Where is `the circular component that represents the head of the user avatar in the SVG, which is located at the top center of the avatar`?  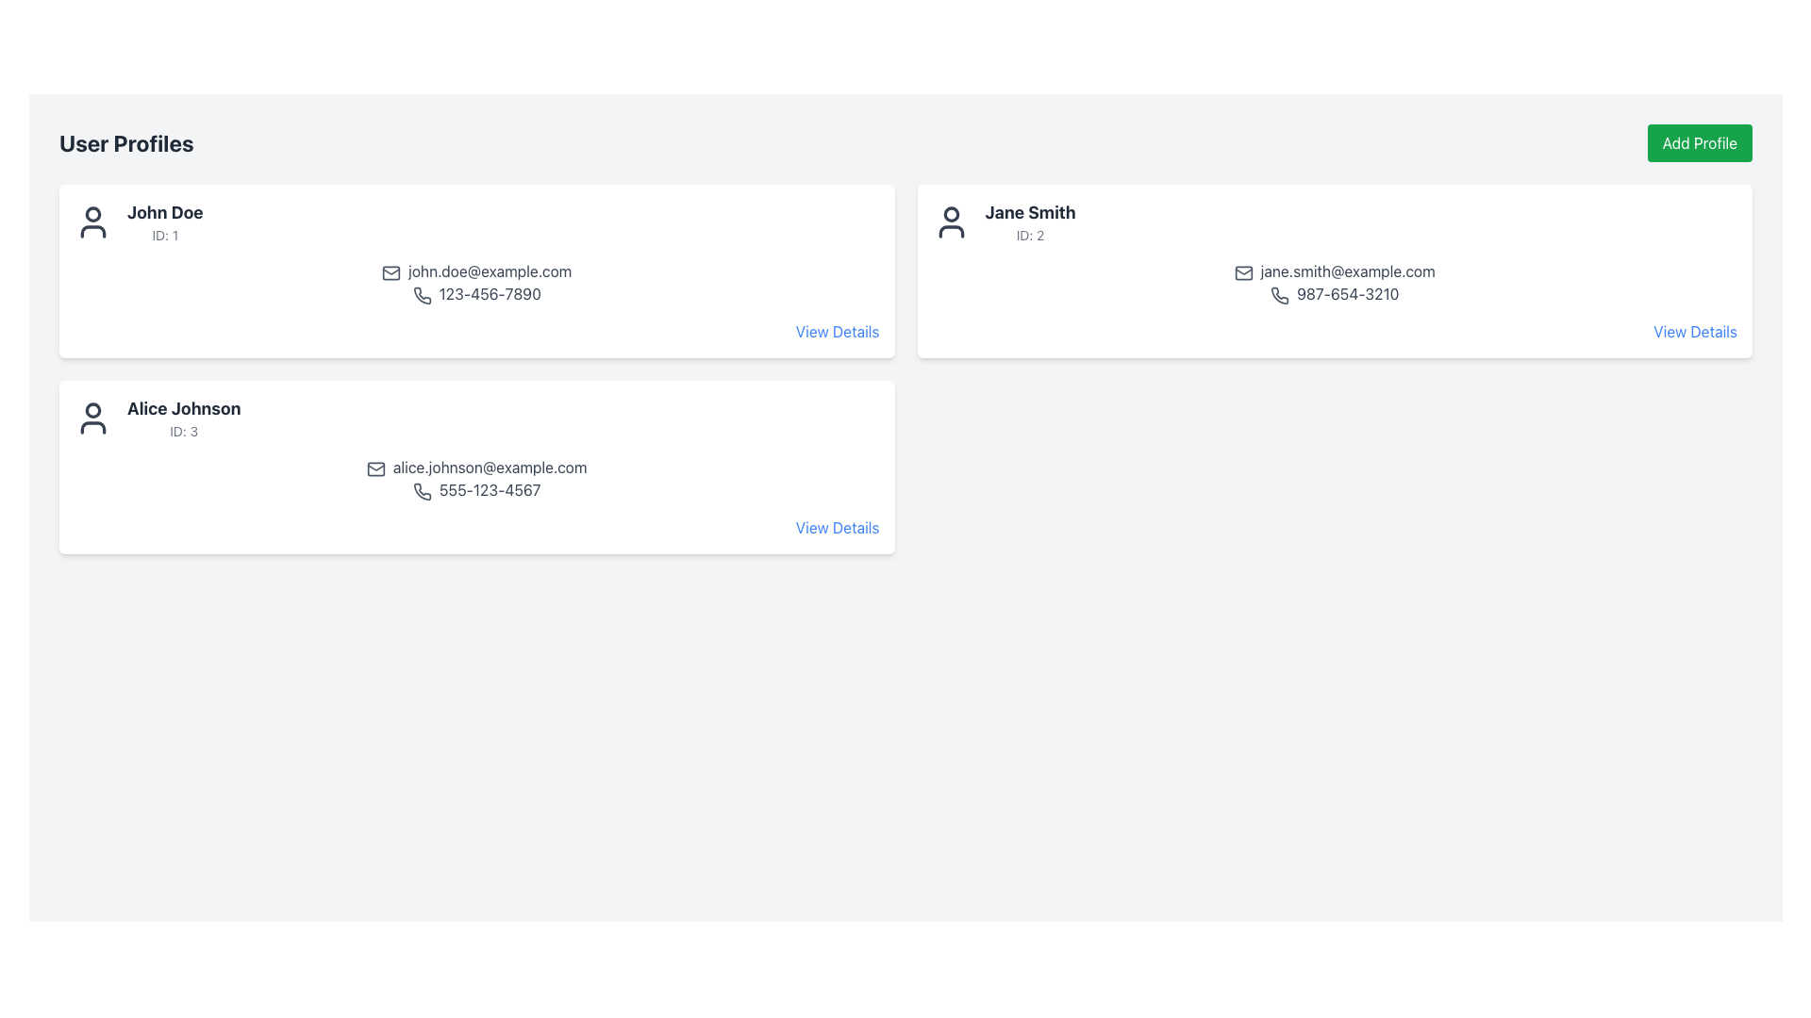 the circular component that represents the head of the user avatar in the SVG, which is located at the top center of the avatar is located at coordinates (92, 409).